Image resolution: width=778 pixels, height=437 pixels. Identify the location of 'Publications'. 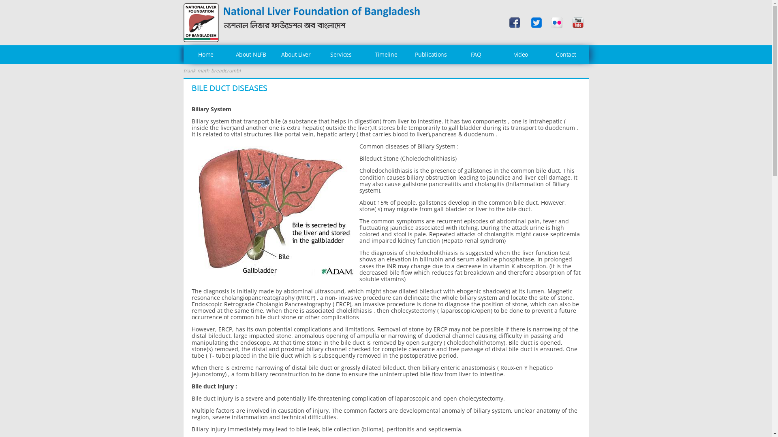
(430, 55).